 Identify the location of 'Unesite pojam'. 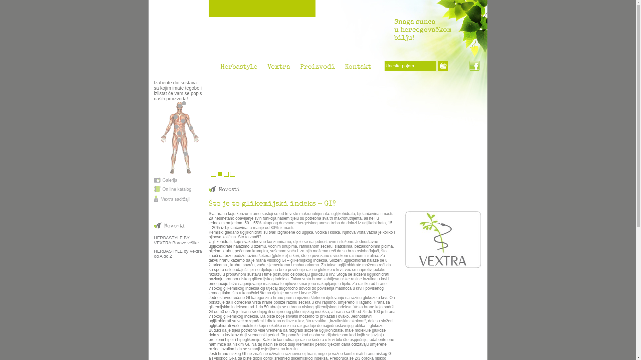
(410, 66).